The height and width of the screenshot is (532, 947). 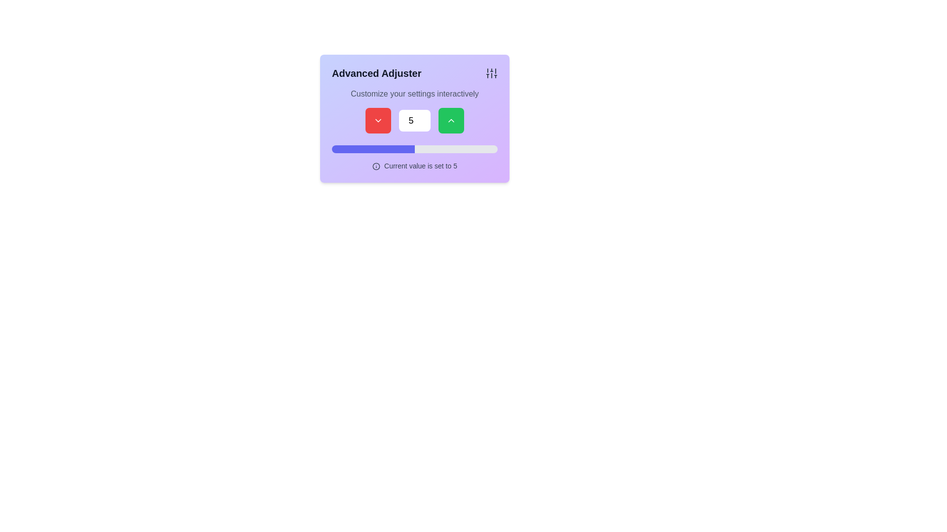 What do you see at coordinates (414, 94) in the screenshot?
I see `the text label that says 'Customize your settings interactively', which is styled in gray and located within a gradient purple panel` at bounding box center [414, 94].